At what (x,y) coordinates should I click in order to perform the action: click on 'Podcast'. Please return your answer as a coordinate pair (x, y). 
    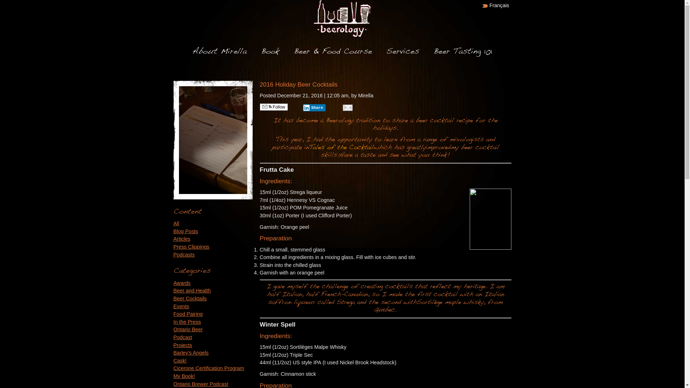
    Looking at the image, I should click on (173, 337).